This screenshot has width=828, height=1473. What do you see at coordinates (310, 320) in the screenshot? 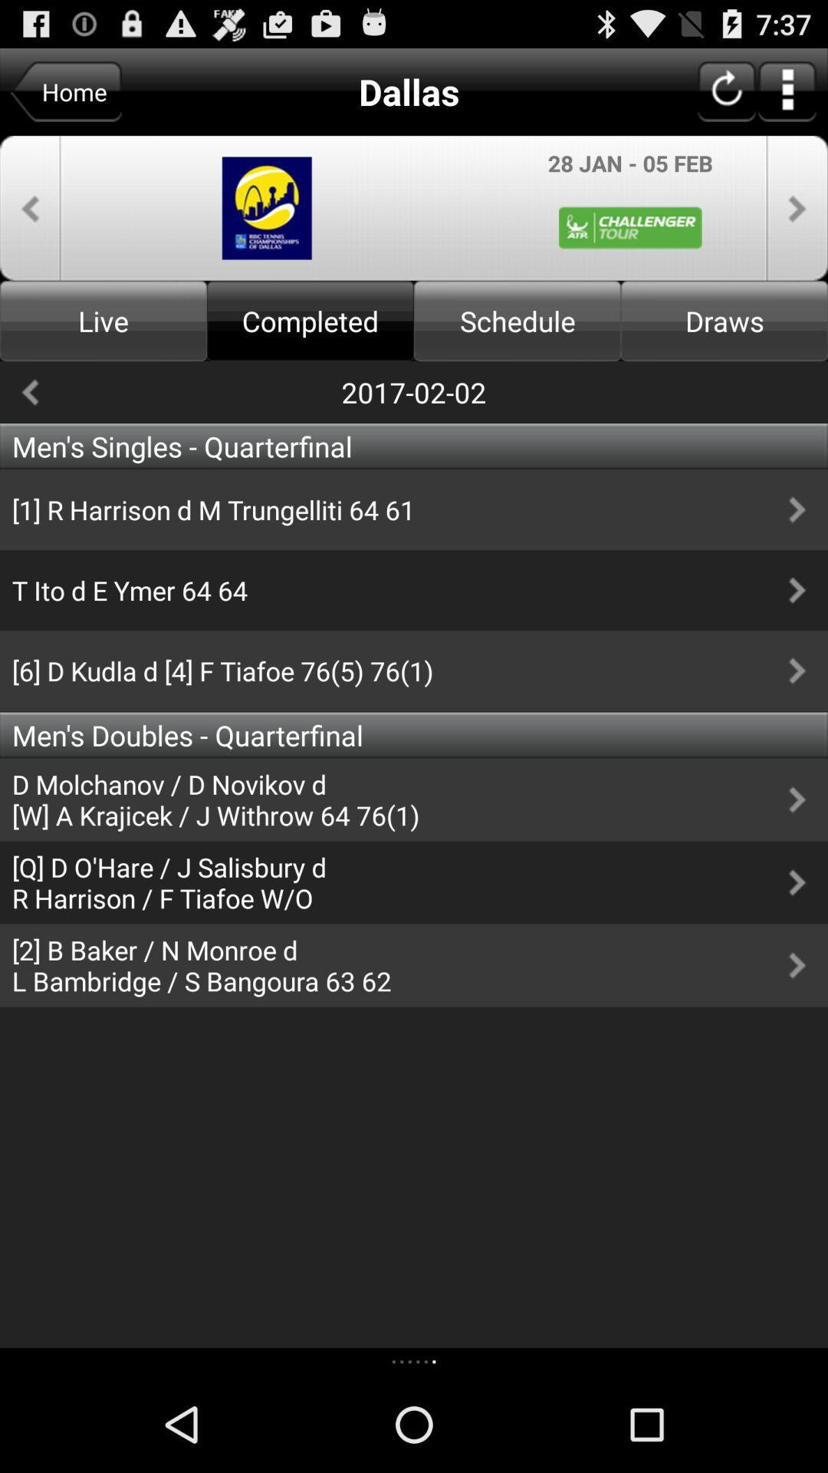
I see `completed` at bounding box center [310, 320].